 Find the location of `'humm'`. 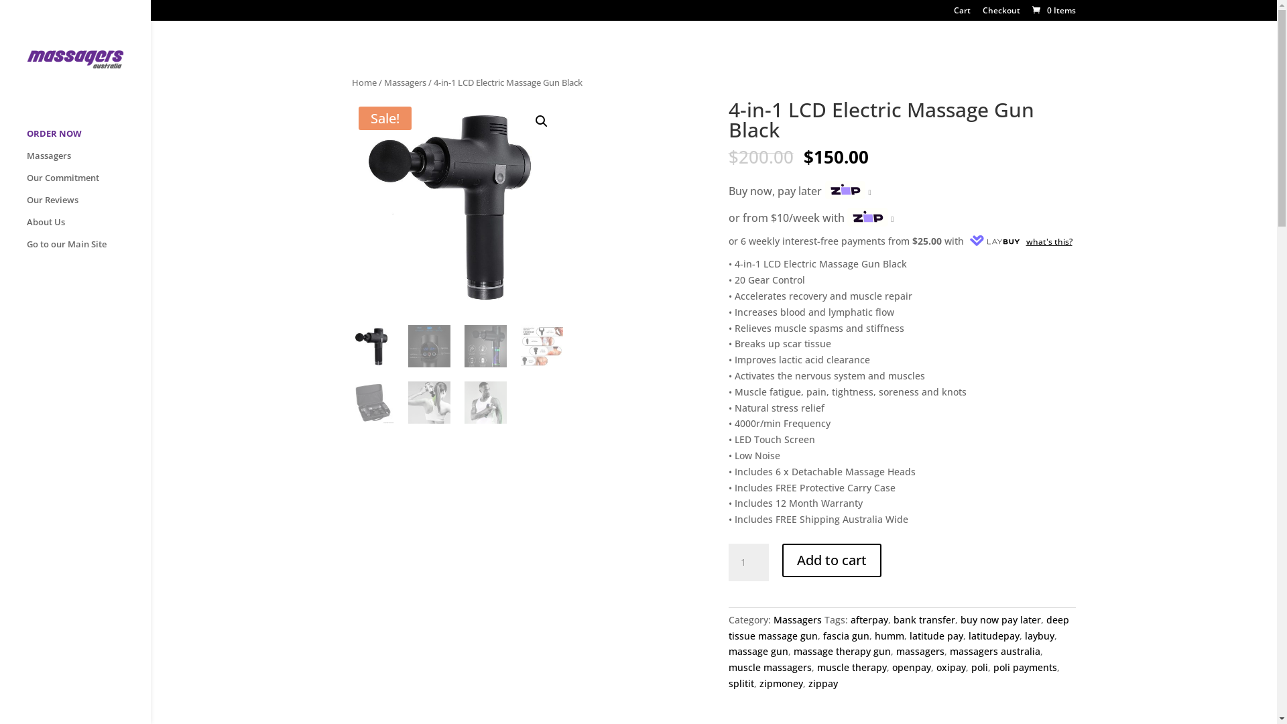

'humm' is located at coordinates (889, 635).